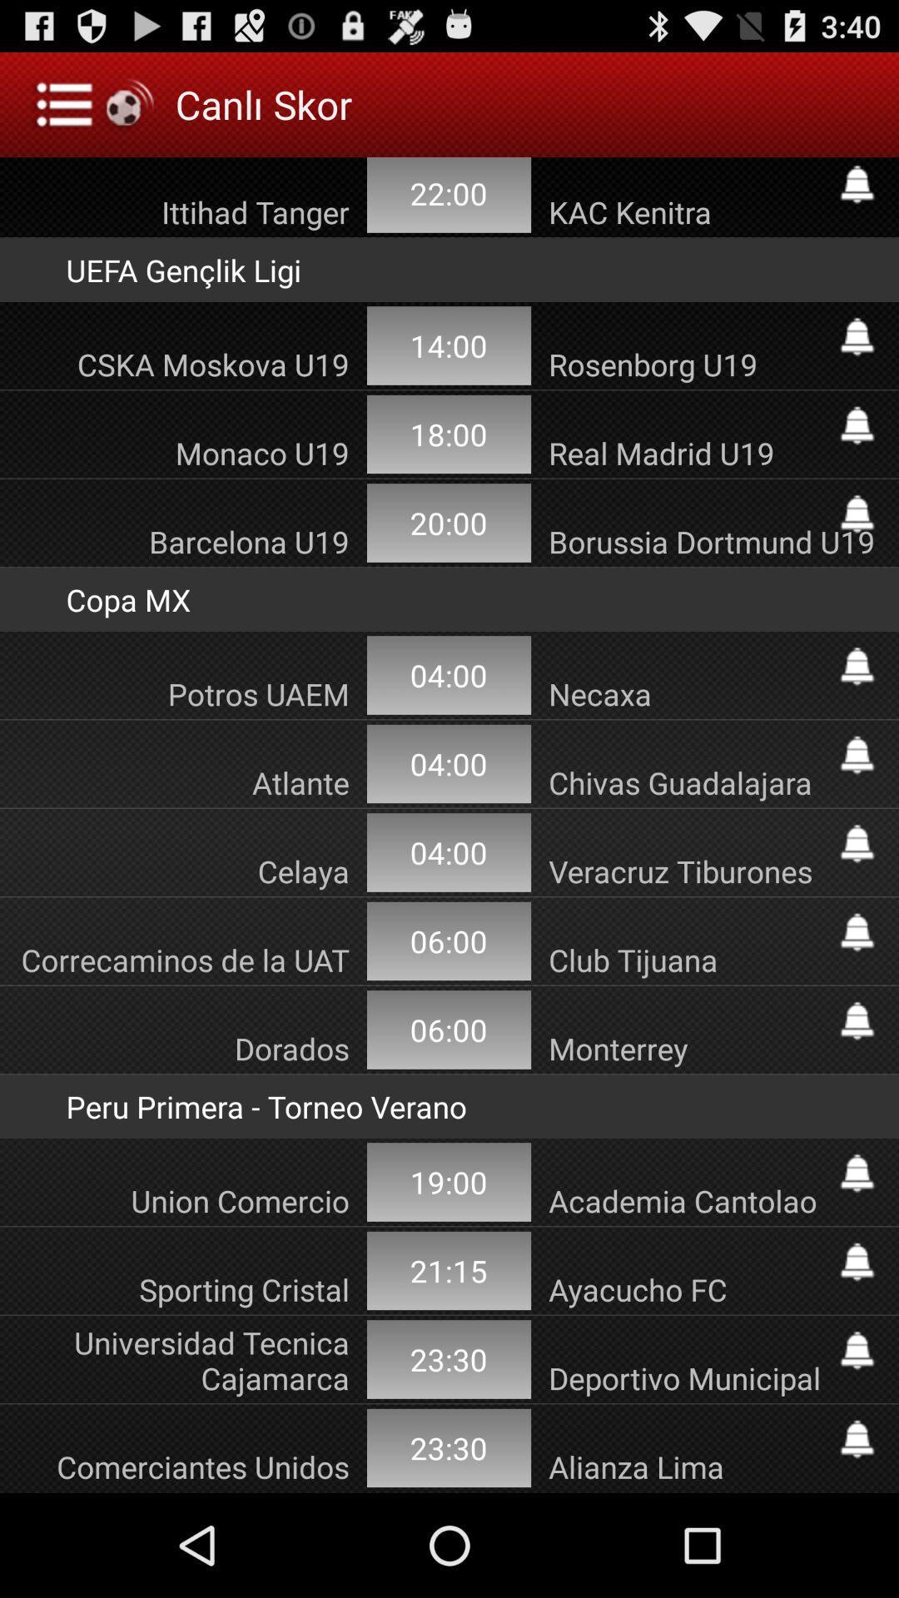  Describe the element at coordinates (857, 1262) in the screenshot. I see `turn on notification` at that location.